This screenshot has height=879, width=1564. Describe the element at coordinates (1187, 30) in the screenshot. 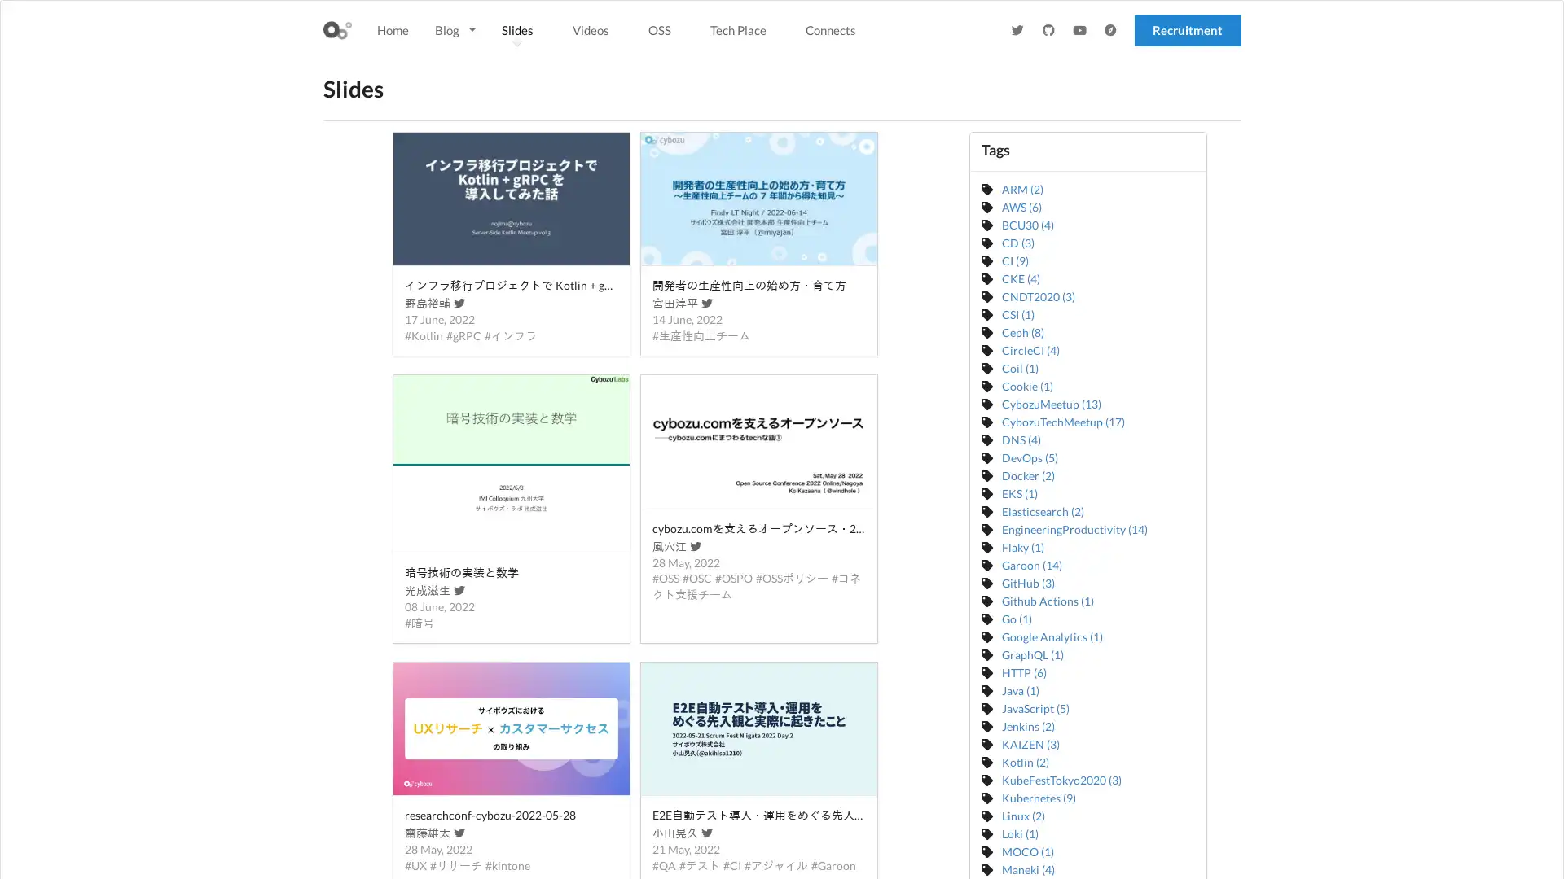

I see `Recruitment` at that location.